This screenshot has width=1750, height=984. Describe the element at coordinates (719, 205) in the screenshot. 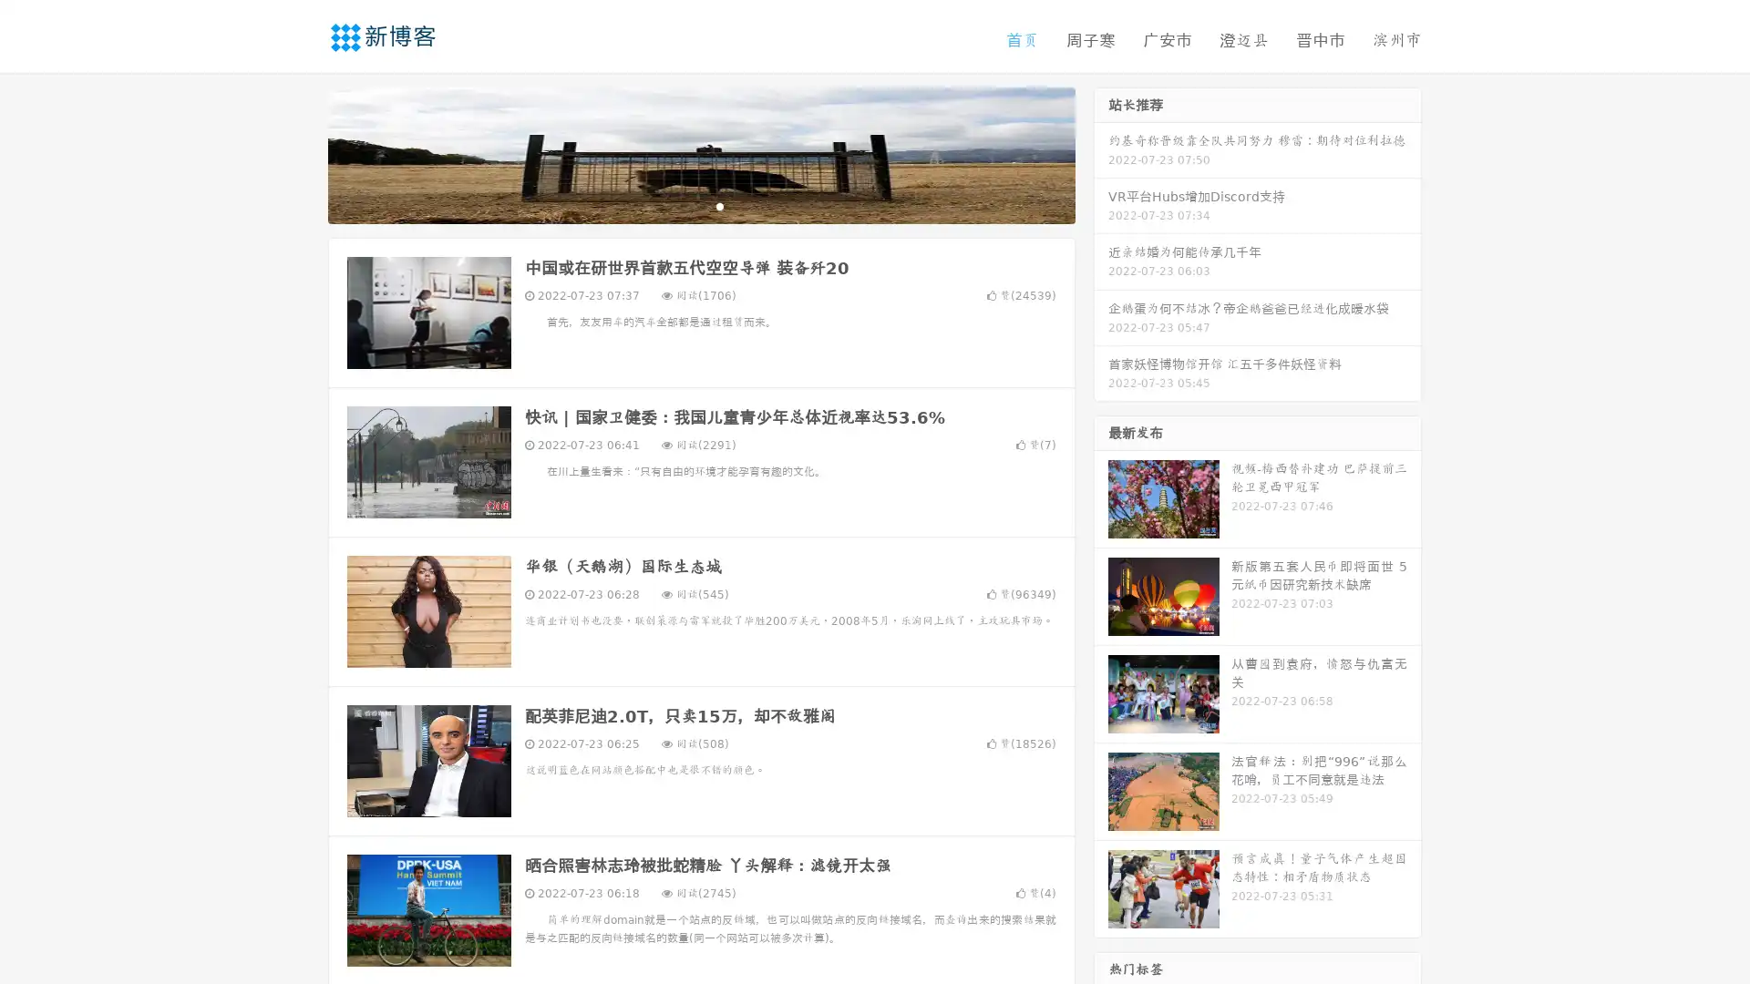

I see `Go to slide 3` at that location.